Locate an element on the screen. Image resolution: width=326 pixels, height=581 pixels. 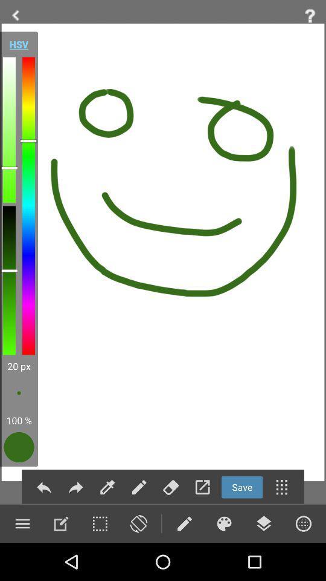
more option is located at coordinates (281, 487).